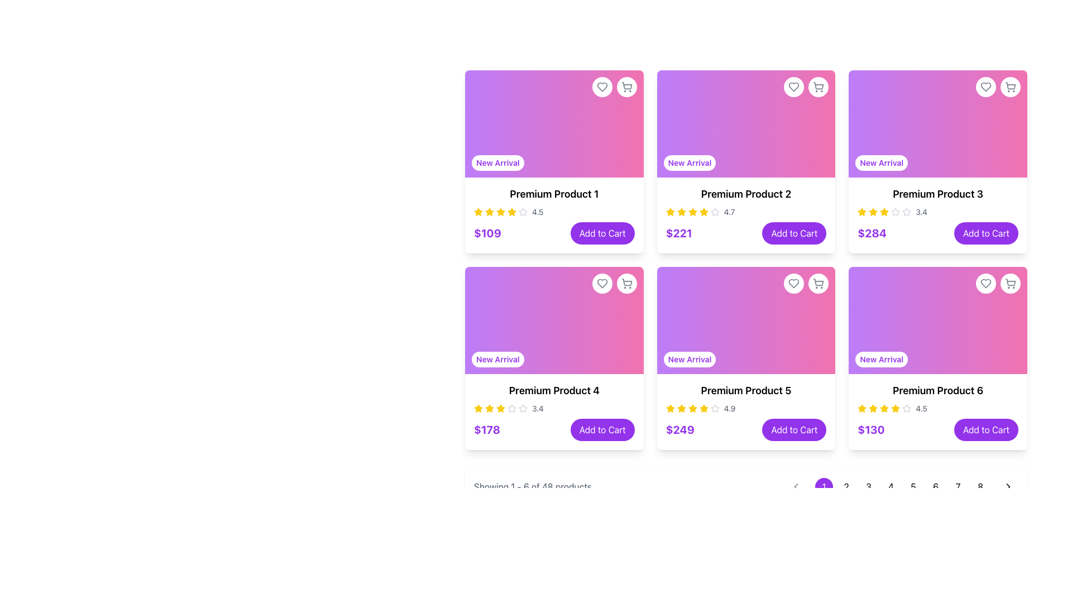  What do you see at coordinates (884, 408) in the screenshot?
I see `the third star in the rating display for 'Premium Product 6', which represents a rating value of 3` at bounding box center [884, 408].